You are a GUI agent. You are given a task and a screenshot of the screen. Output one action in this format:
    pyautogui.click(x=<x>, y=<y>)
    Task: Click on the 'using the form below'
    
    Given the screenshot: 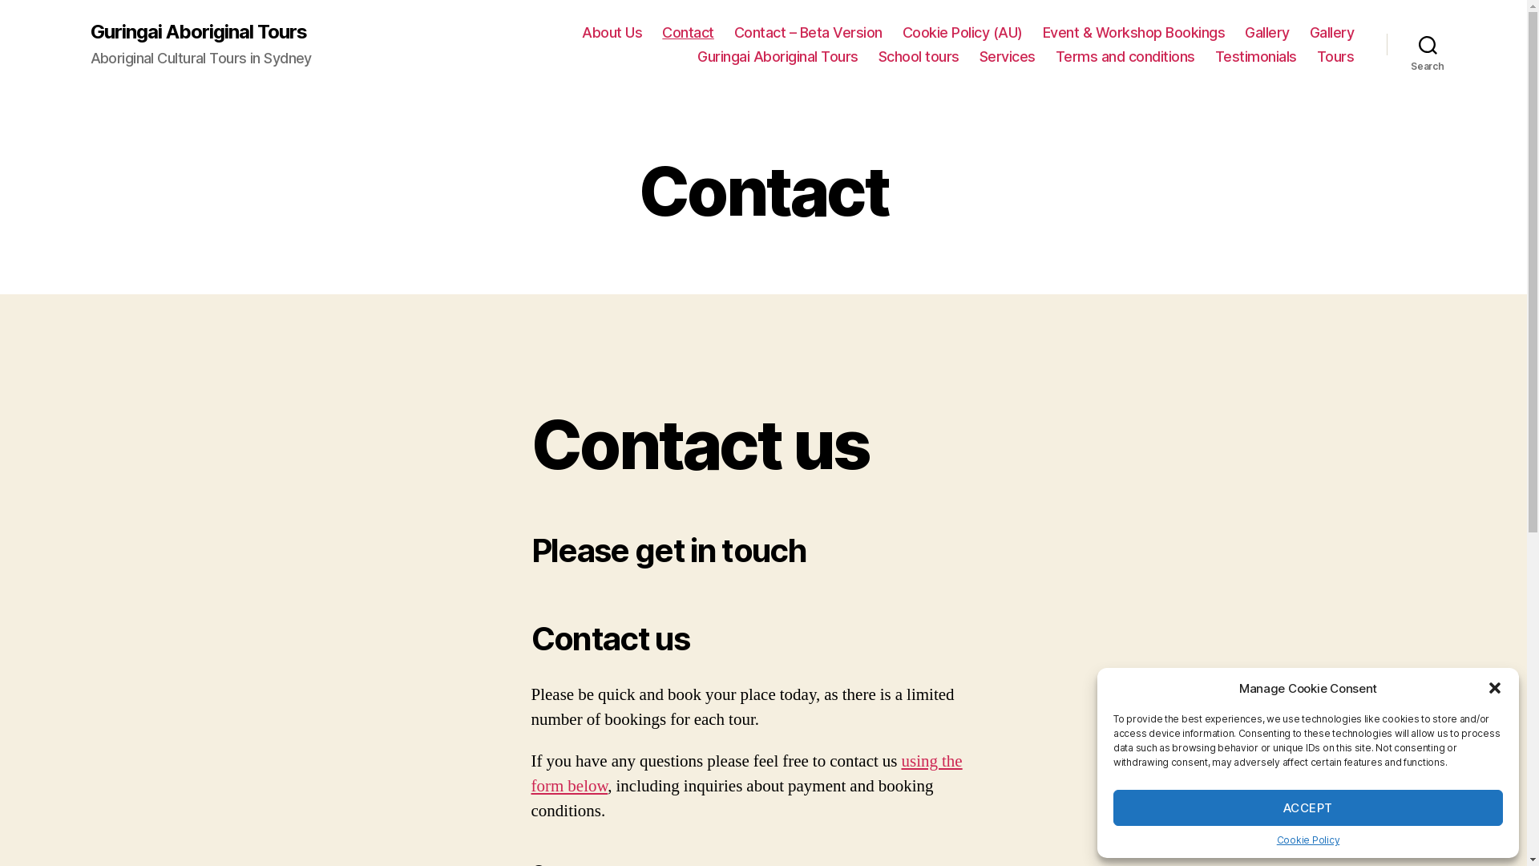 What is the action you would take?
    pyautogui.click(x=745, y=772)
    